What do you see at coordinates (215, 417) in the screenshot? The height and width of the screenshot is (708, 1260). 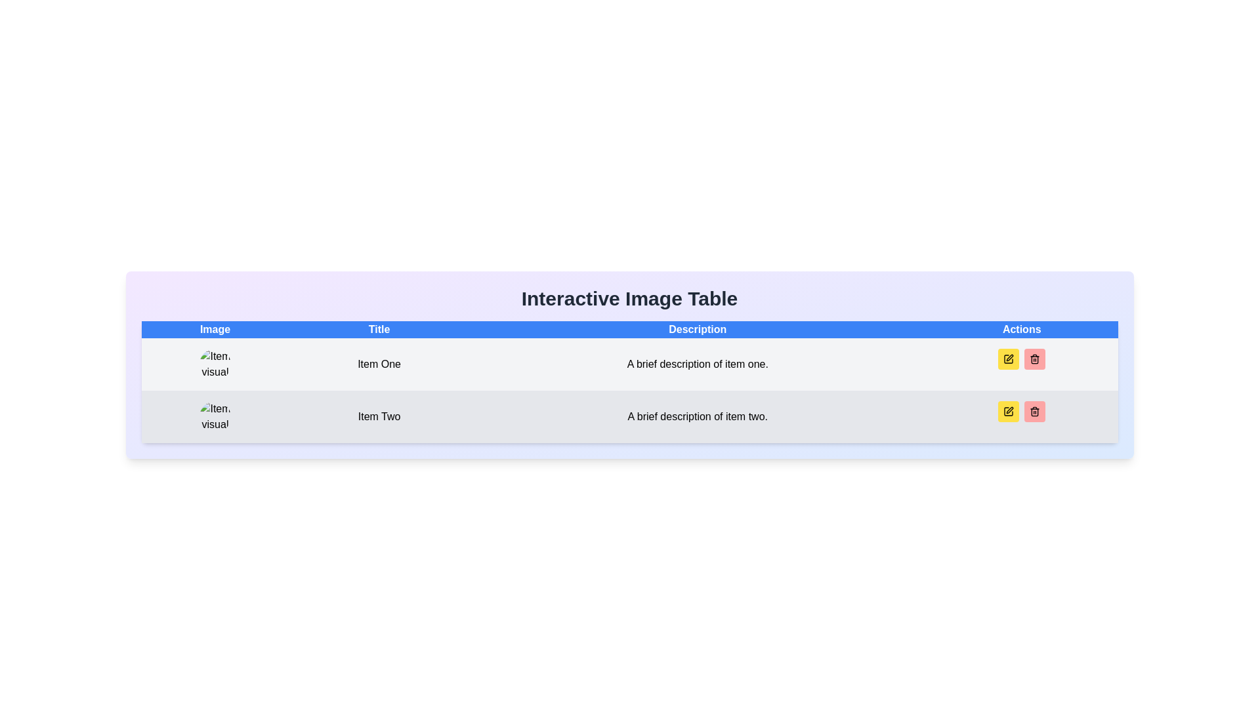 I see `the circular image placeholder located in the second row of a table under the 'Image' column, which aligns with 'Item Two' in the 'Title' column` at bounding box center [215, 417].